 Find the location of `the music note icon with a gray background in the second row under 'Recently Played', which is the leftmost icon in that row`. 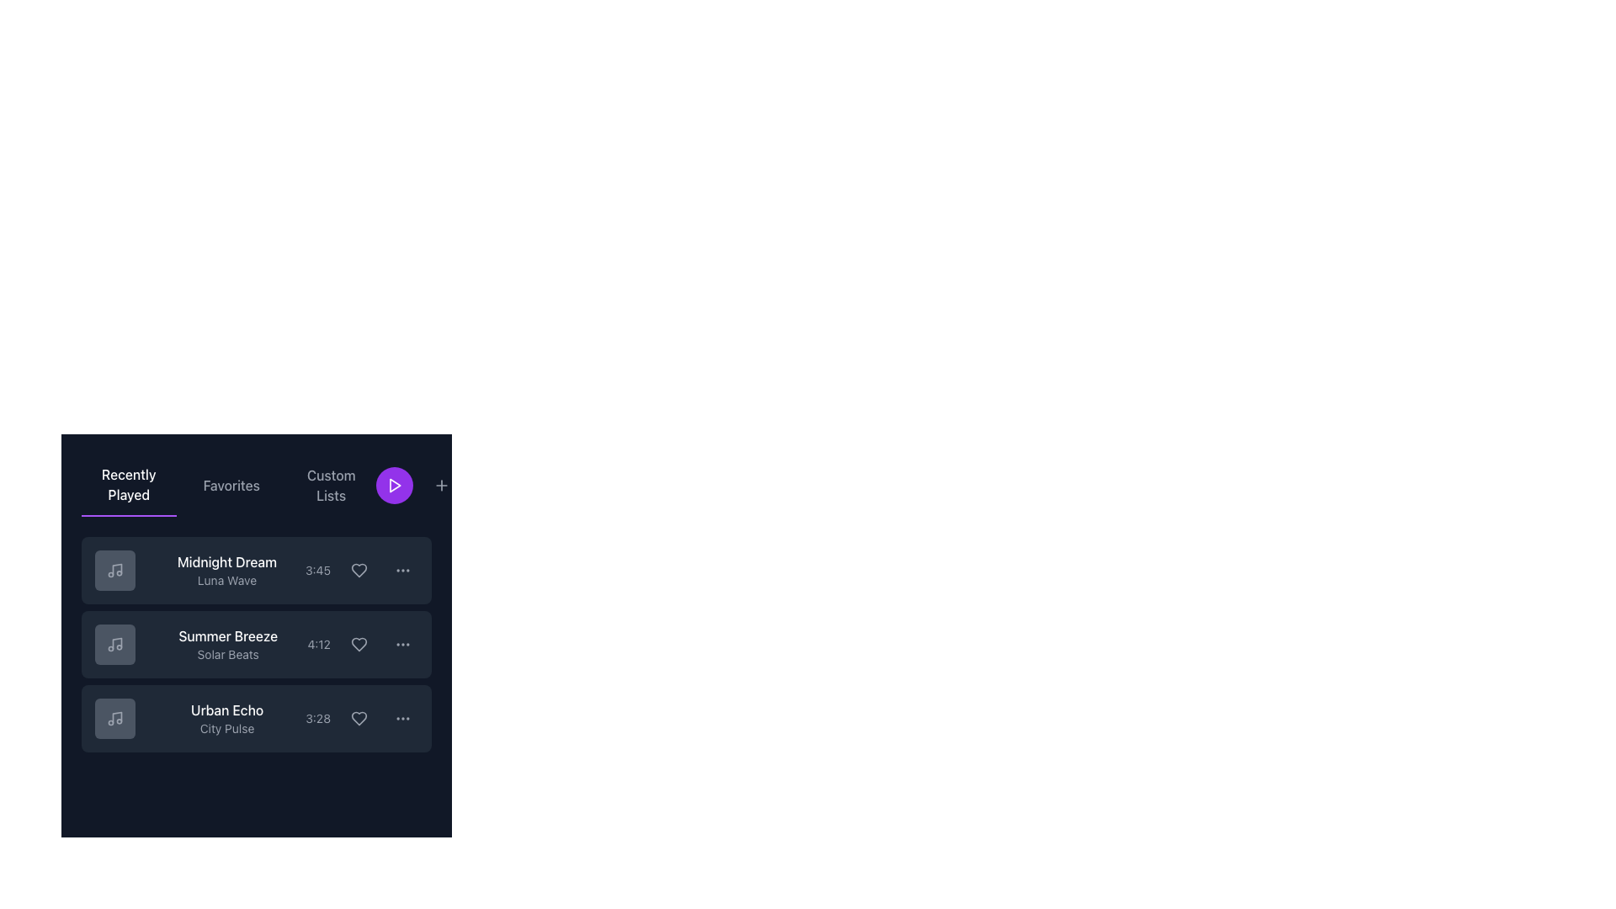

the music note icon with a gray background in the second row under 'Recently Played', which is the leftmost icon in that row is located at coordinates (114, 644).